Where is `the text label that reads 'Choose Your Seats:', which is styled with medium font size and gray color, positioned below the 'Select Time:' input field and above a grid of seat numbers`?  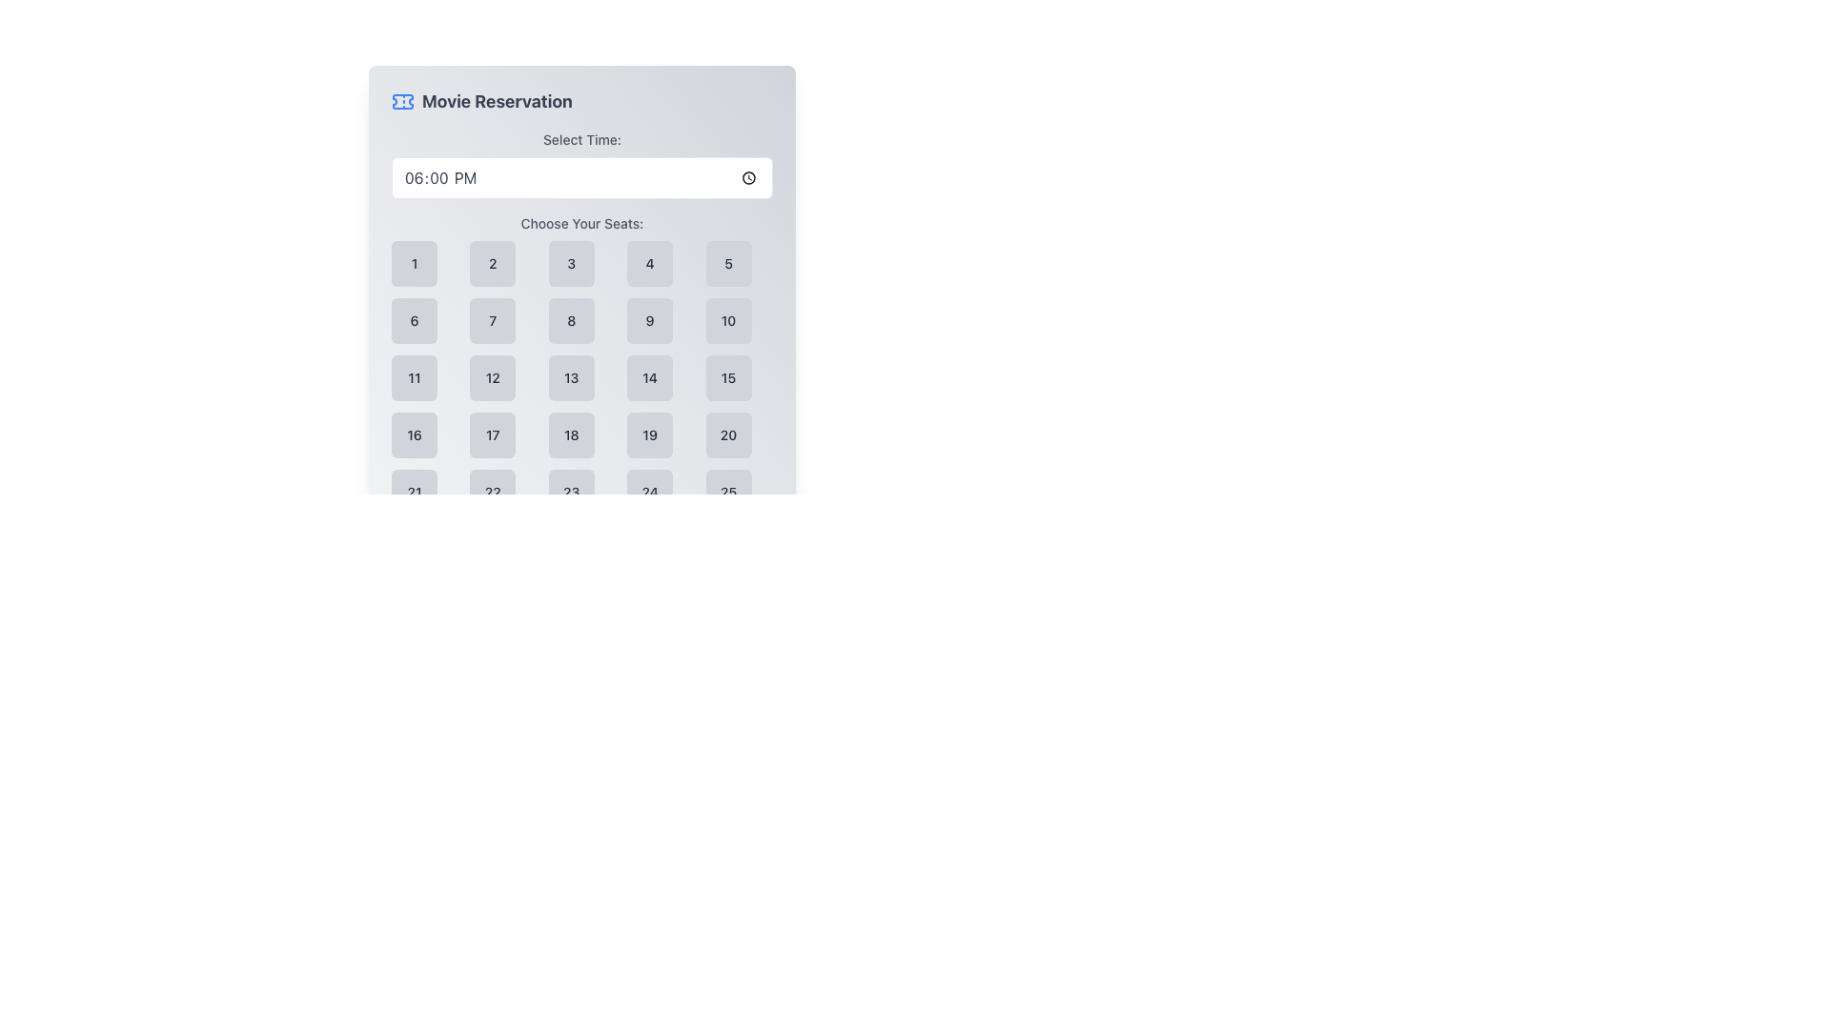
the text label that reads 'Choose Your Seats:', which is styled with medium font size and gray color, positioned below the 'Select Time:' input field and above a grid of seat numbers is located at coordinates (580, 223).